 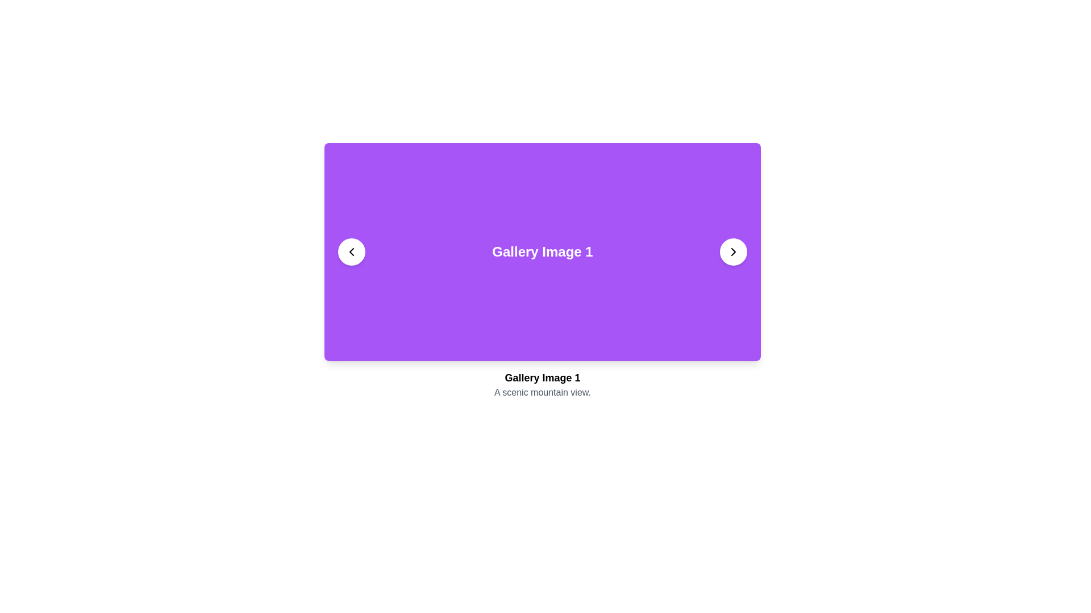 What do you see at coordinates (734, 251) in the screenshot?
I see `the thin chevron-shaped icon pointing to the right, located within a circular button on the far right of the purple panel labeled 'Gallery Image 1'` at bounding box center [734, 251].